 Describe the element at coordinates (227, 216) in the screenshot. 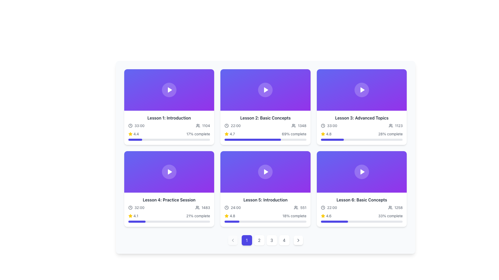

I see `the yellow star icon indicating a rating or favorite feature, located below the 'Lesson 5: Introduction' tile, in the bottom-center section of the third tile in the second row of the grid layout` at that location.